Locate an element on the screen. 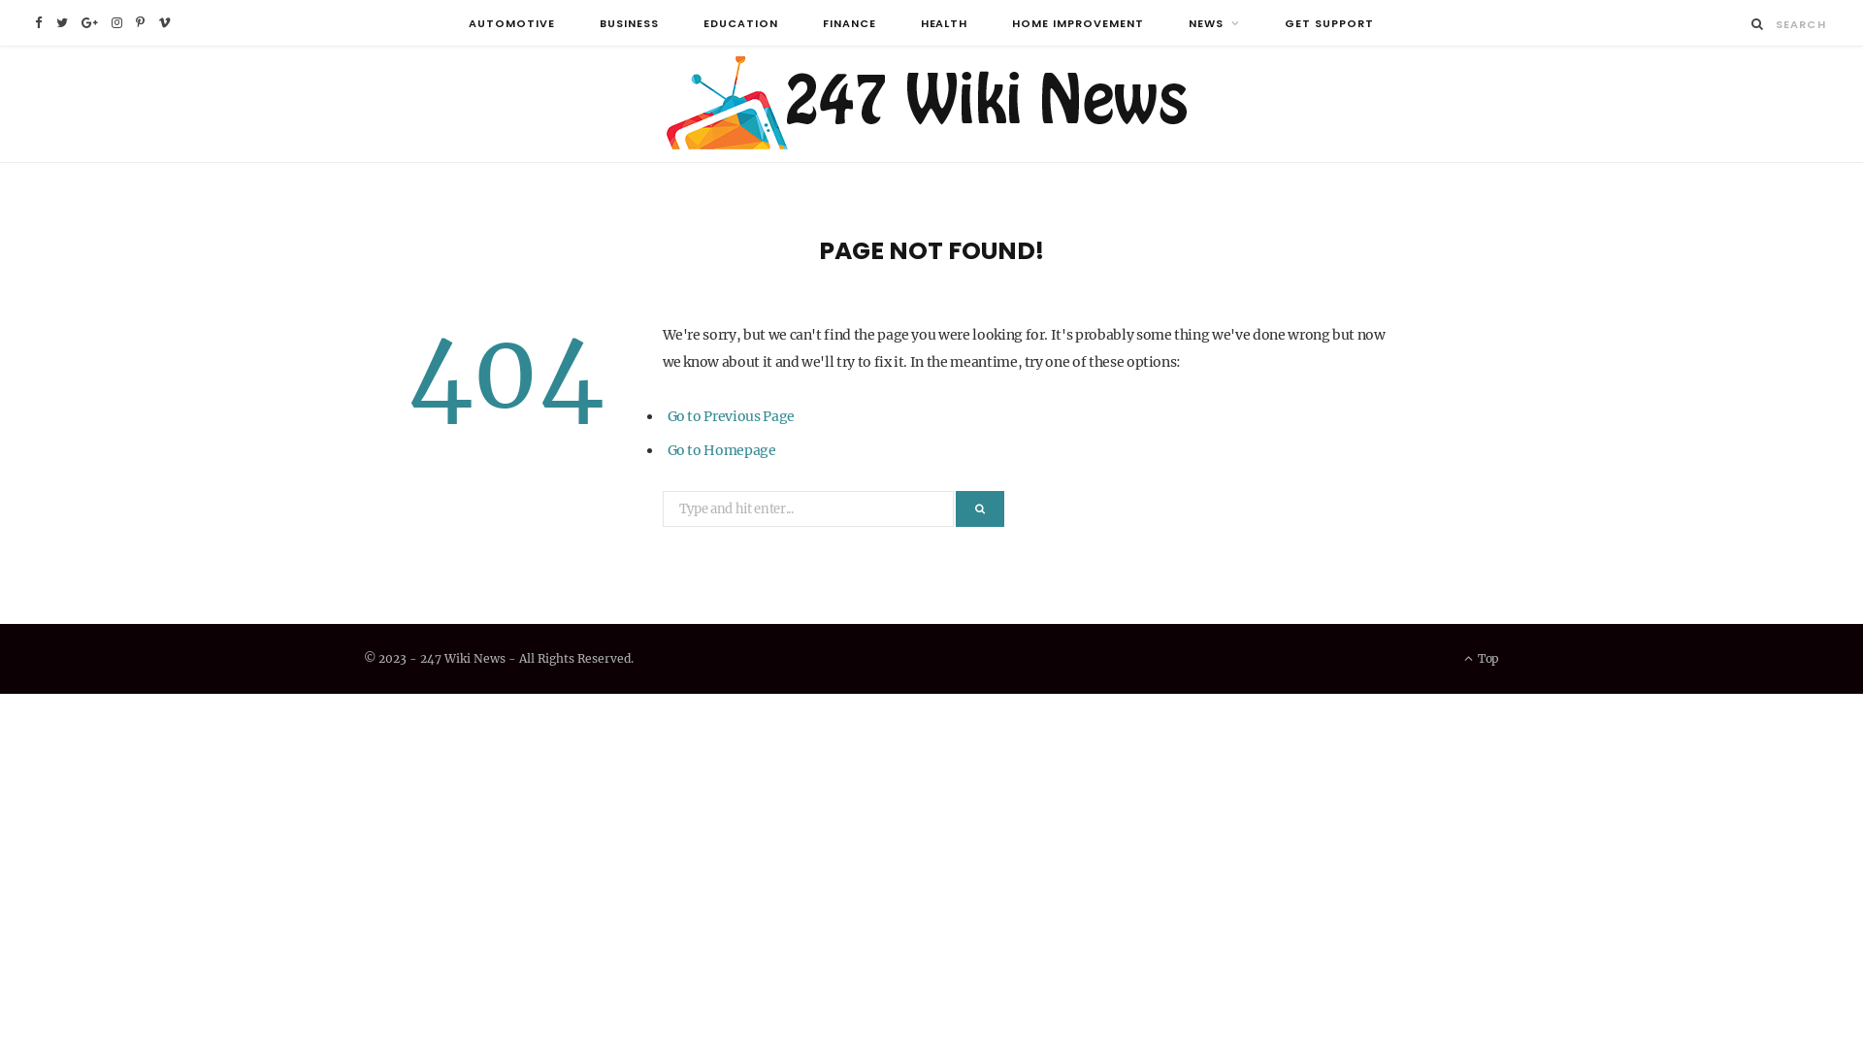 The width and height of the screenshot is (1863, 1048). 'Twitter' is located at coordinates (61, 22).